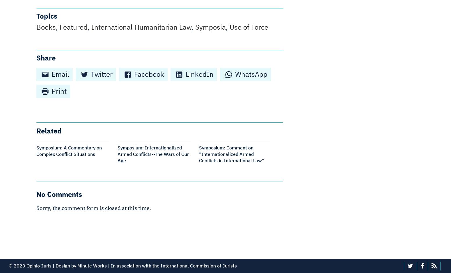 Image resolution: width=451 pixels, height=273 pixels. What do you see at coordinates (251, 74) in the screenshot?
I see `'WhatsApp'` at bounding box center [251, 74].